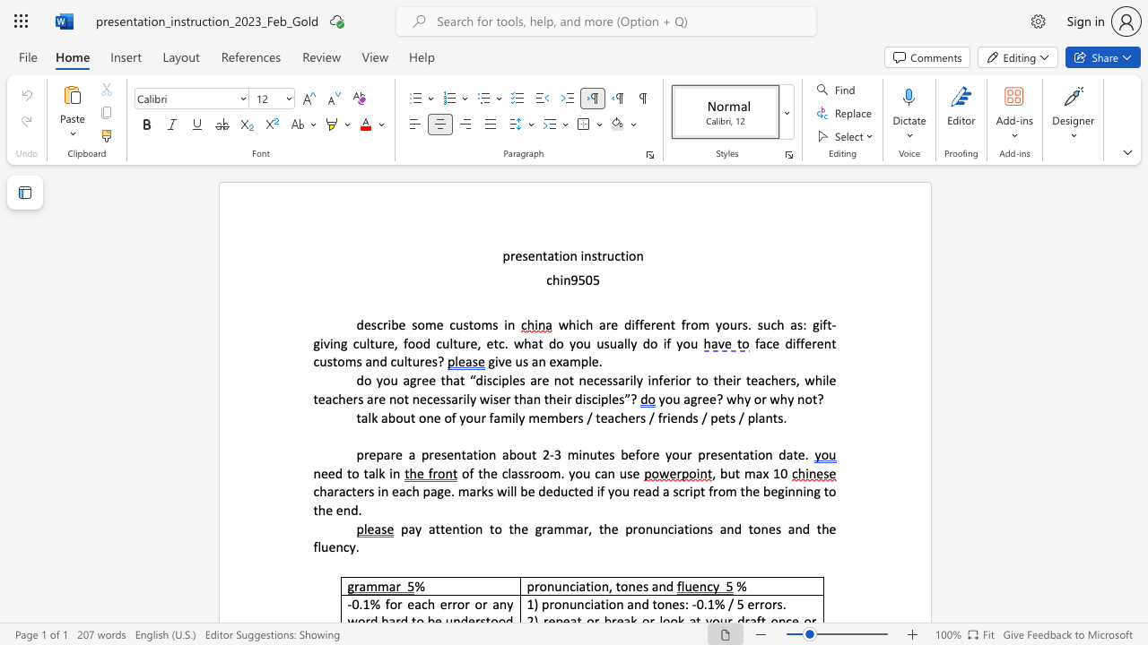 The image size is (1148, 645). I want to click on the subset text "cti" within the text "presentation instruction", so click(614, 255).